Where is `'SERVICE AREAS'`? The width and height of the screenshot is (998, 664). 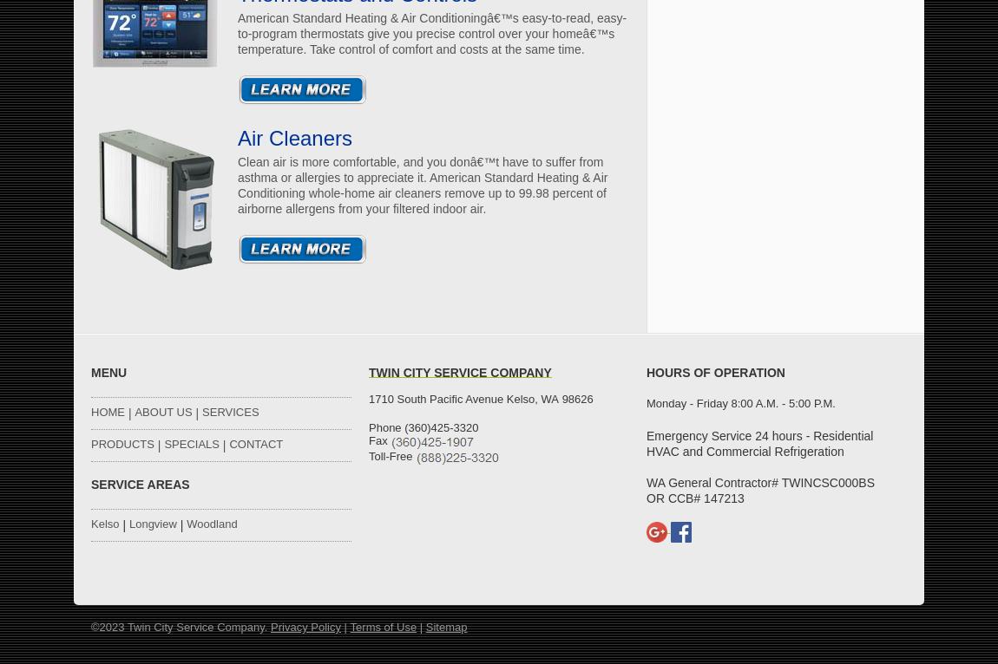
'SERVICE AREAS' is located at coordinates (89, 484).